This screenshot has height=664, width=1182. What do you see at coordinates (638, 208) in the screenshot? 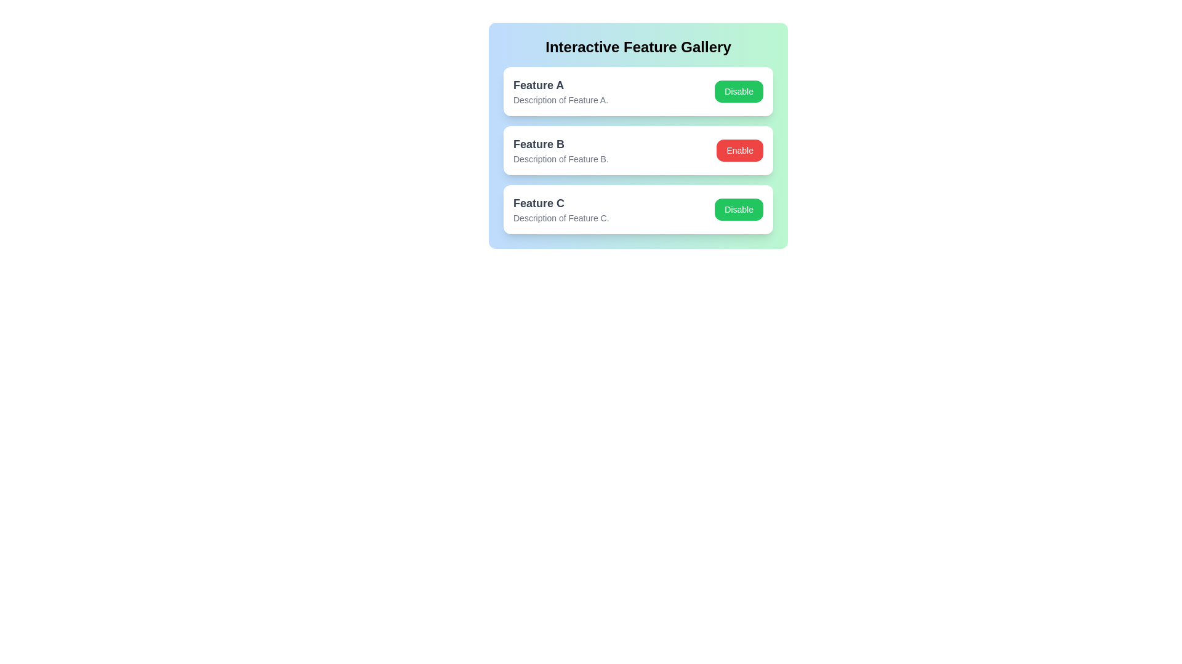
I see `the feature Feature C to observe the hover effect` at bounding box center [638, 208].